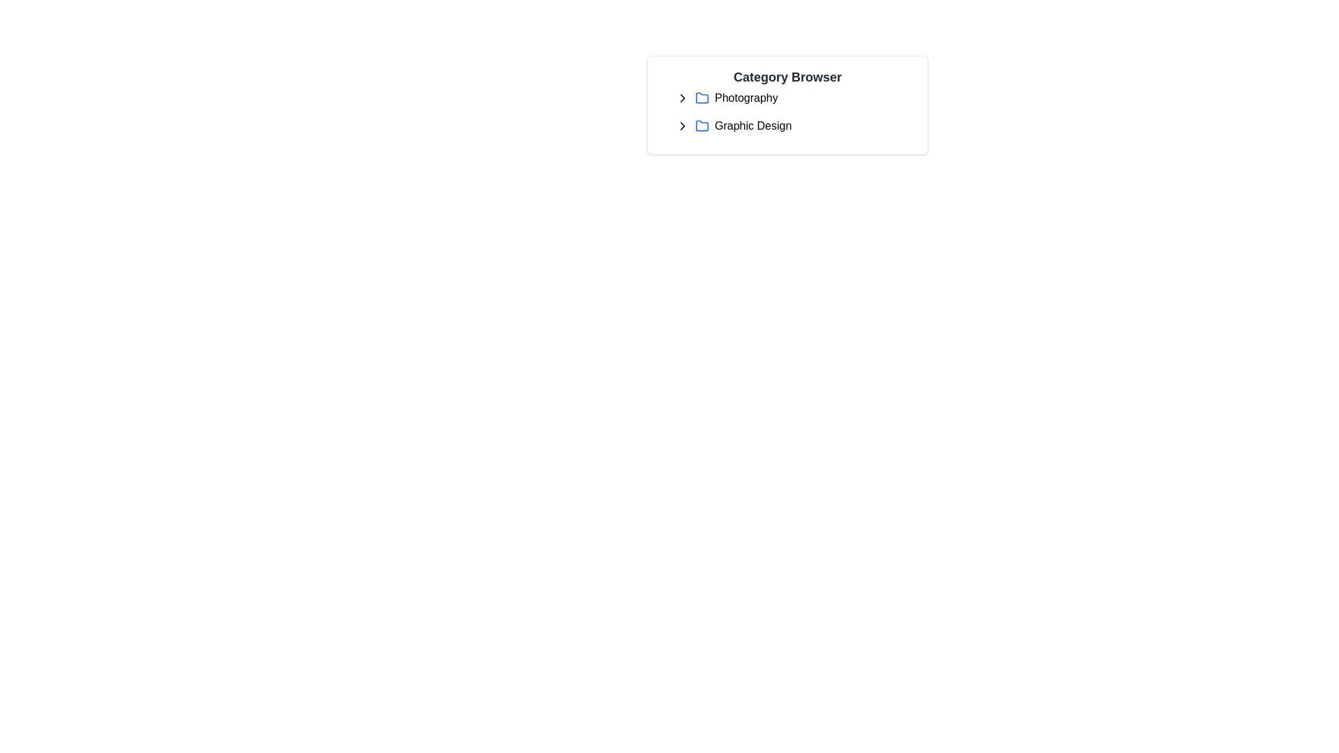  What do you see at coordinates (686, 98) in the screenshot?
I see `the right-pointing chevron icon located to the immediate left of the folder icon and the text 'Photography'` at bounding box center [686, 98].